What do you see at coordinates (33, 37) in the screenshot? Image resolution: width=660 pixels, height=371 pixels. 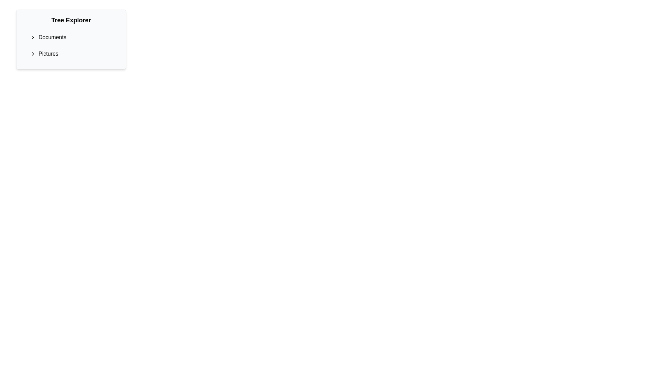 I see `the chevron icon located in the Tree Explorer navigation panel next to the Documents text` at bounding box center [33, 37].